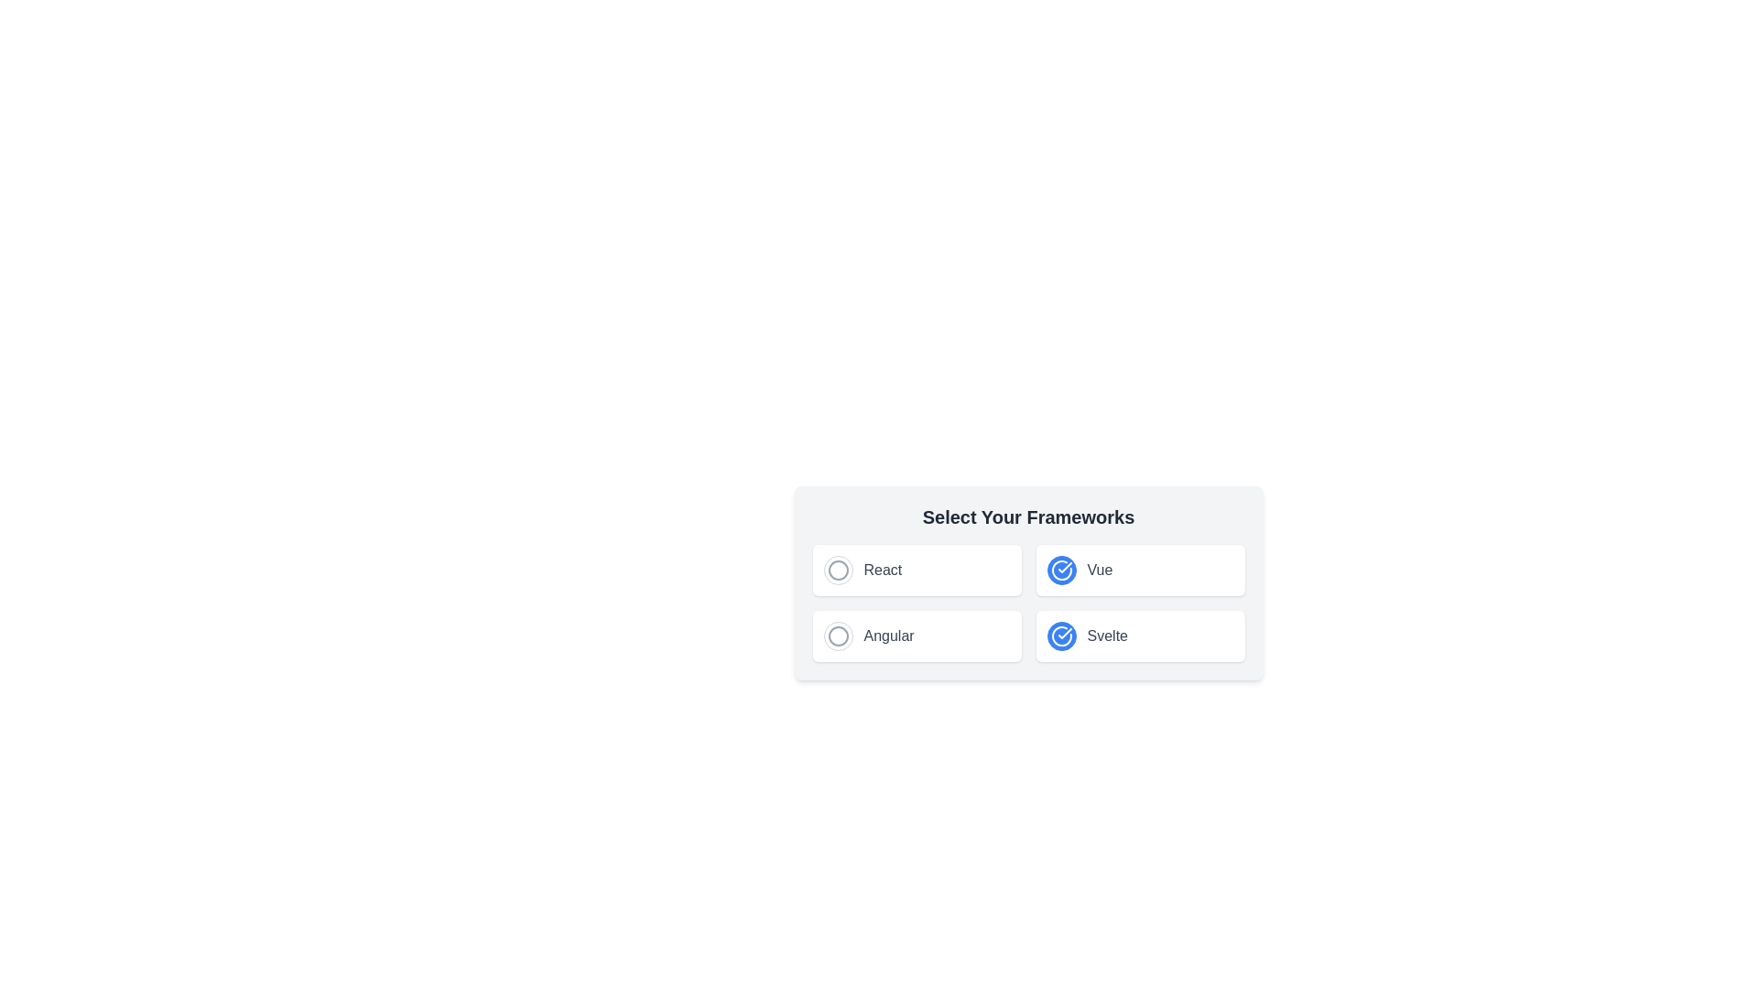 This screenshot has height=989, width=1758. Describe the element at coordinates (1061, 570) in the screenshot. I see `the 'Vue' framework selection button located in the top-right corner of the options by clicking it to trigger a selection or deselection` at that location.